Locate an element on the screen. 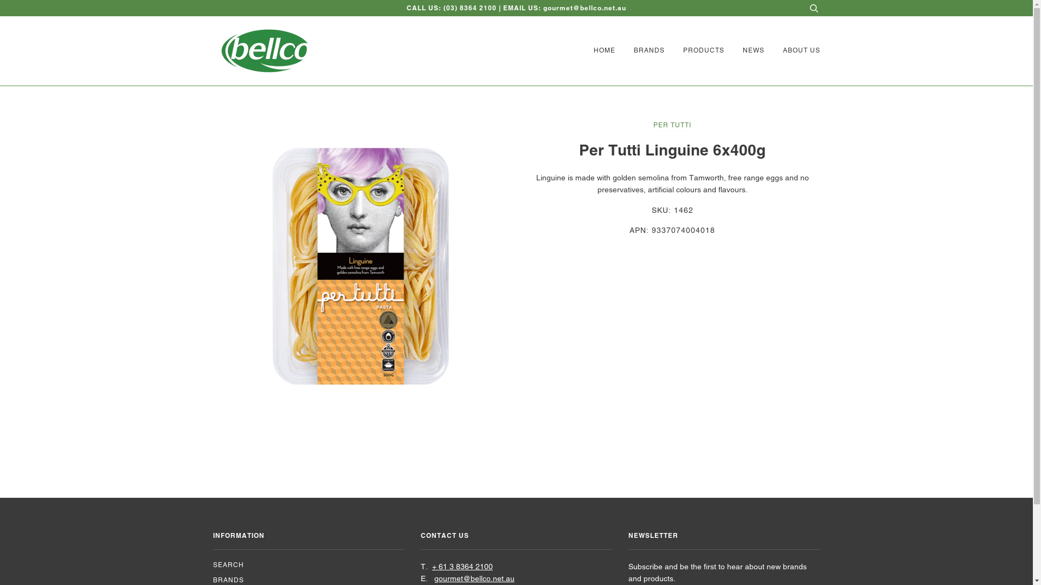 This screenshot has width=1041, height=585. 'NEWS' is located at coordinates (744, 50).